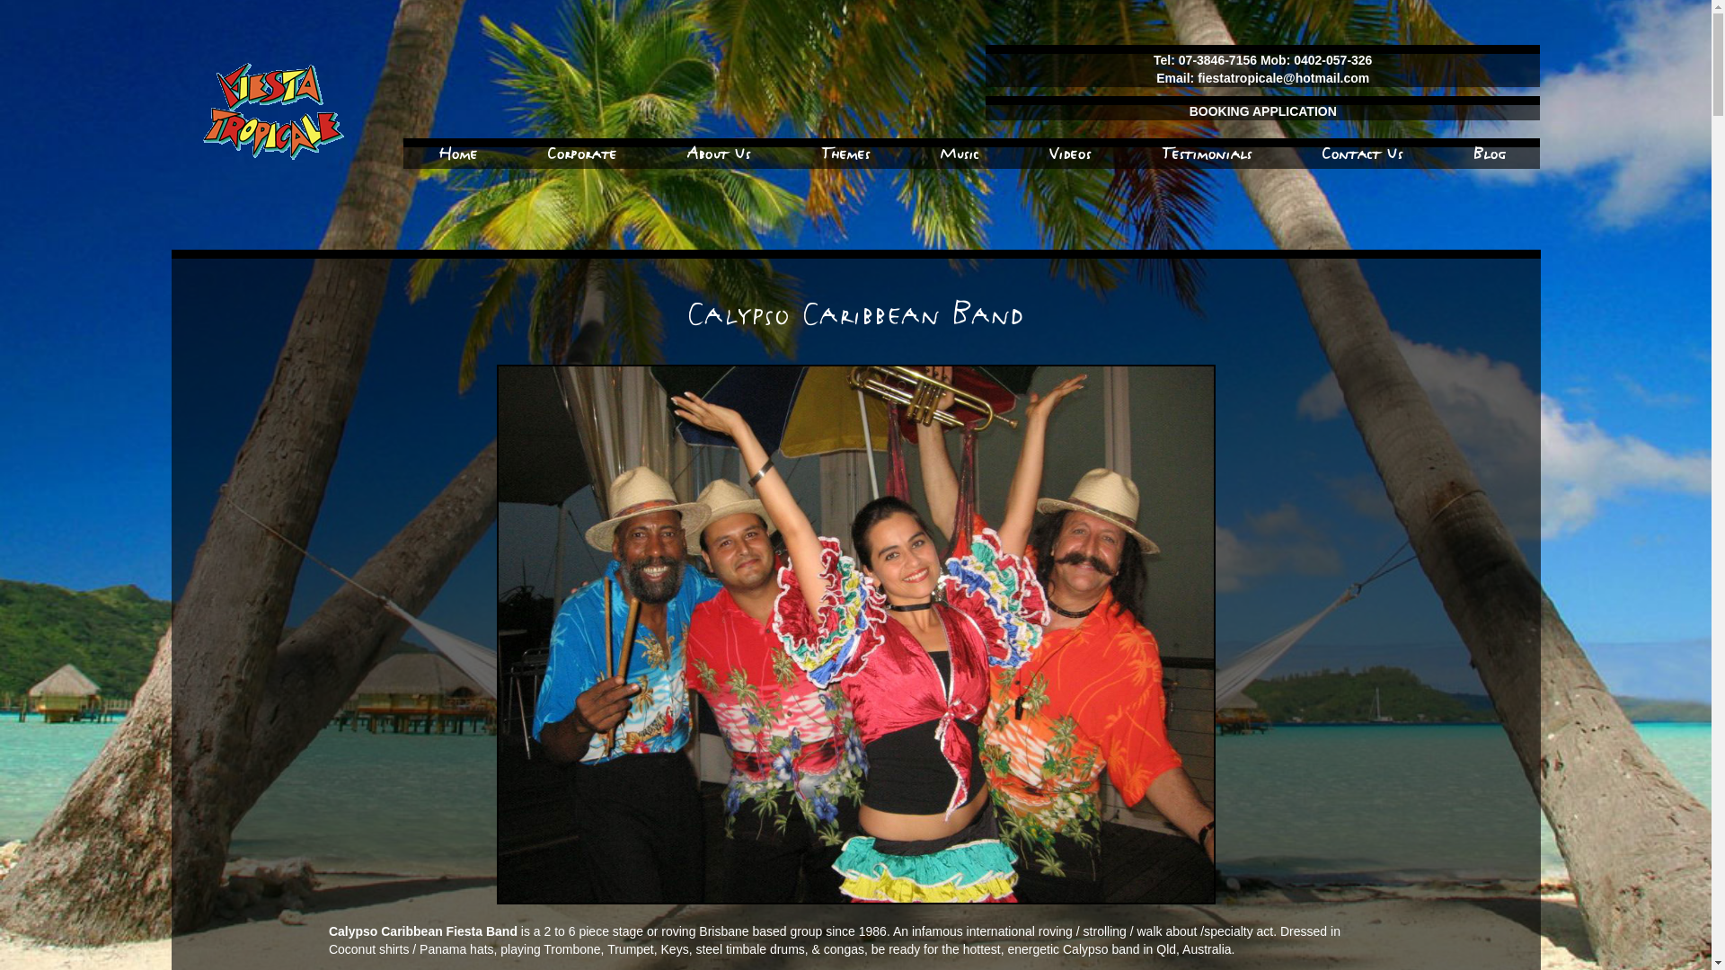  Describe the element at coordinates (546, 152) in the screenshot. I see `'Corporate'` at that location.